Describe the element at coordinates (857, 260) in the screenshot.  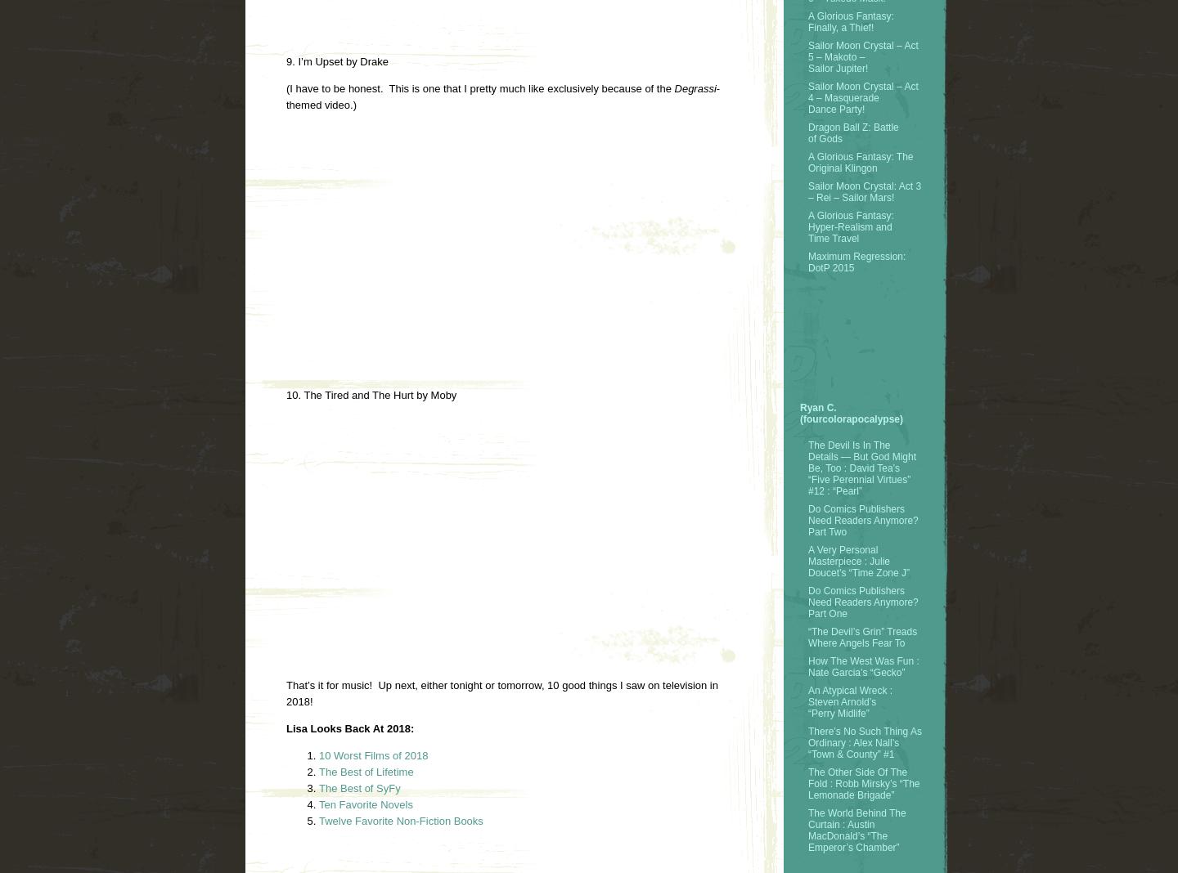
I see `'Maximum Regression: DotP 2015'` at that location.